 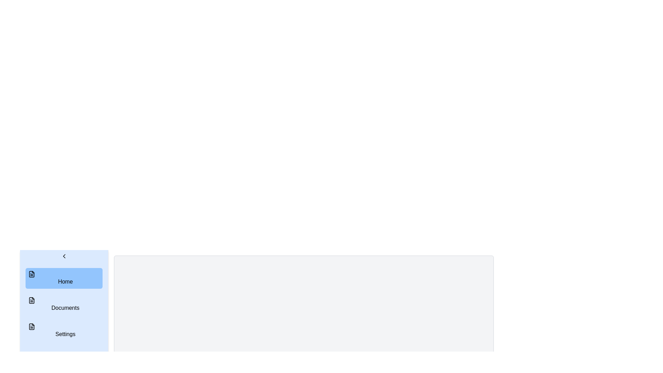 What do you see at coordinates (31, 300) in the screenshot?
I see `the 'Documents' SVG icon in the navigation menu, which is the second entry in the vertical list between 'Home' and 'Settings'` at bounding box center [31, 300].